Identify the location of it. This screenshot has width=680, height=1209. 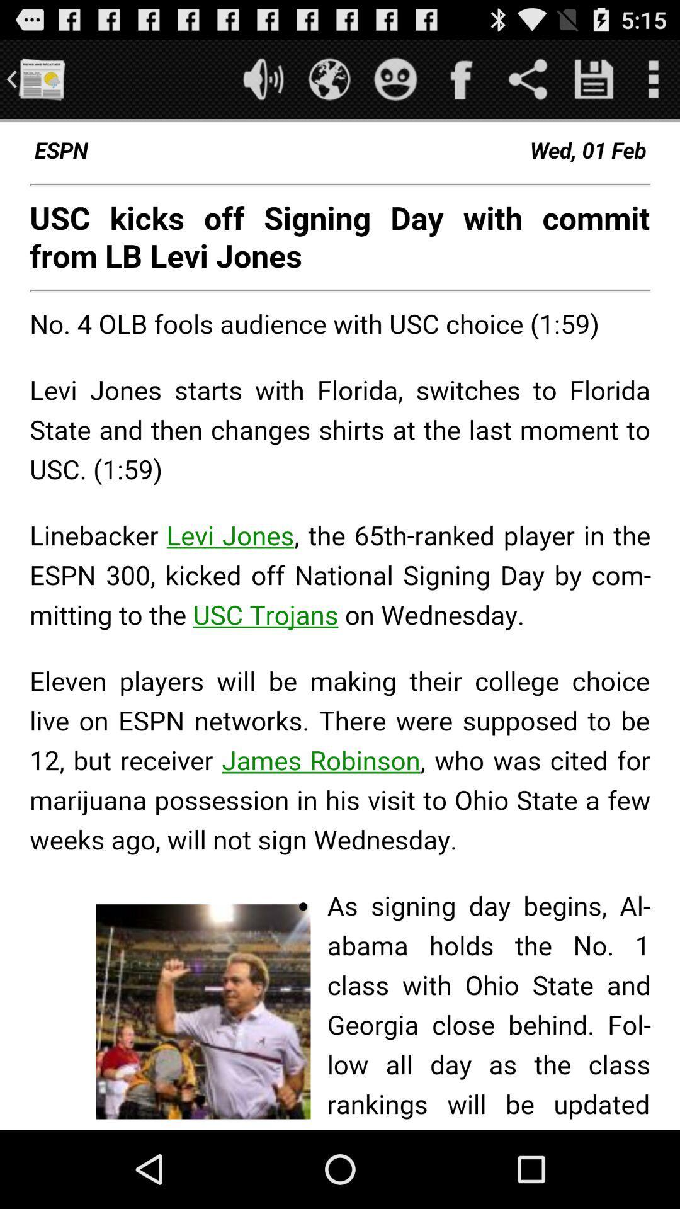
(594, 78).